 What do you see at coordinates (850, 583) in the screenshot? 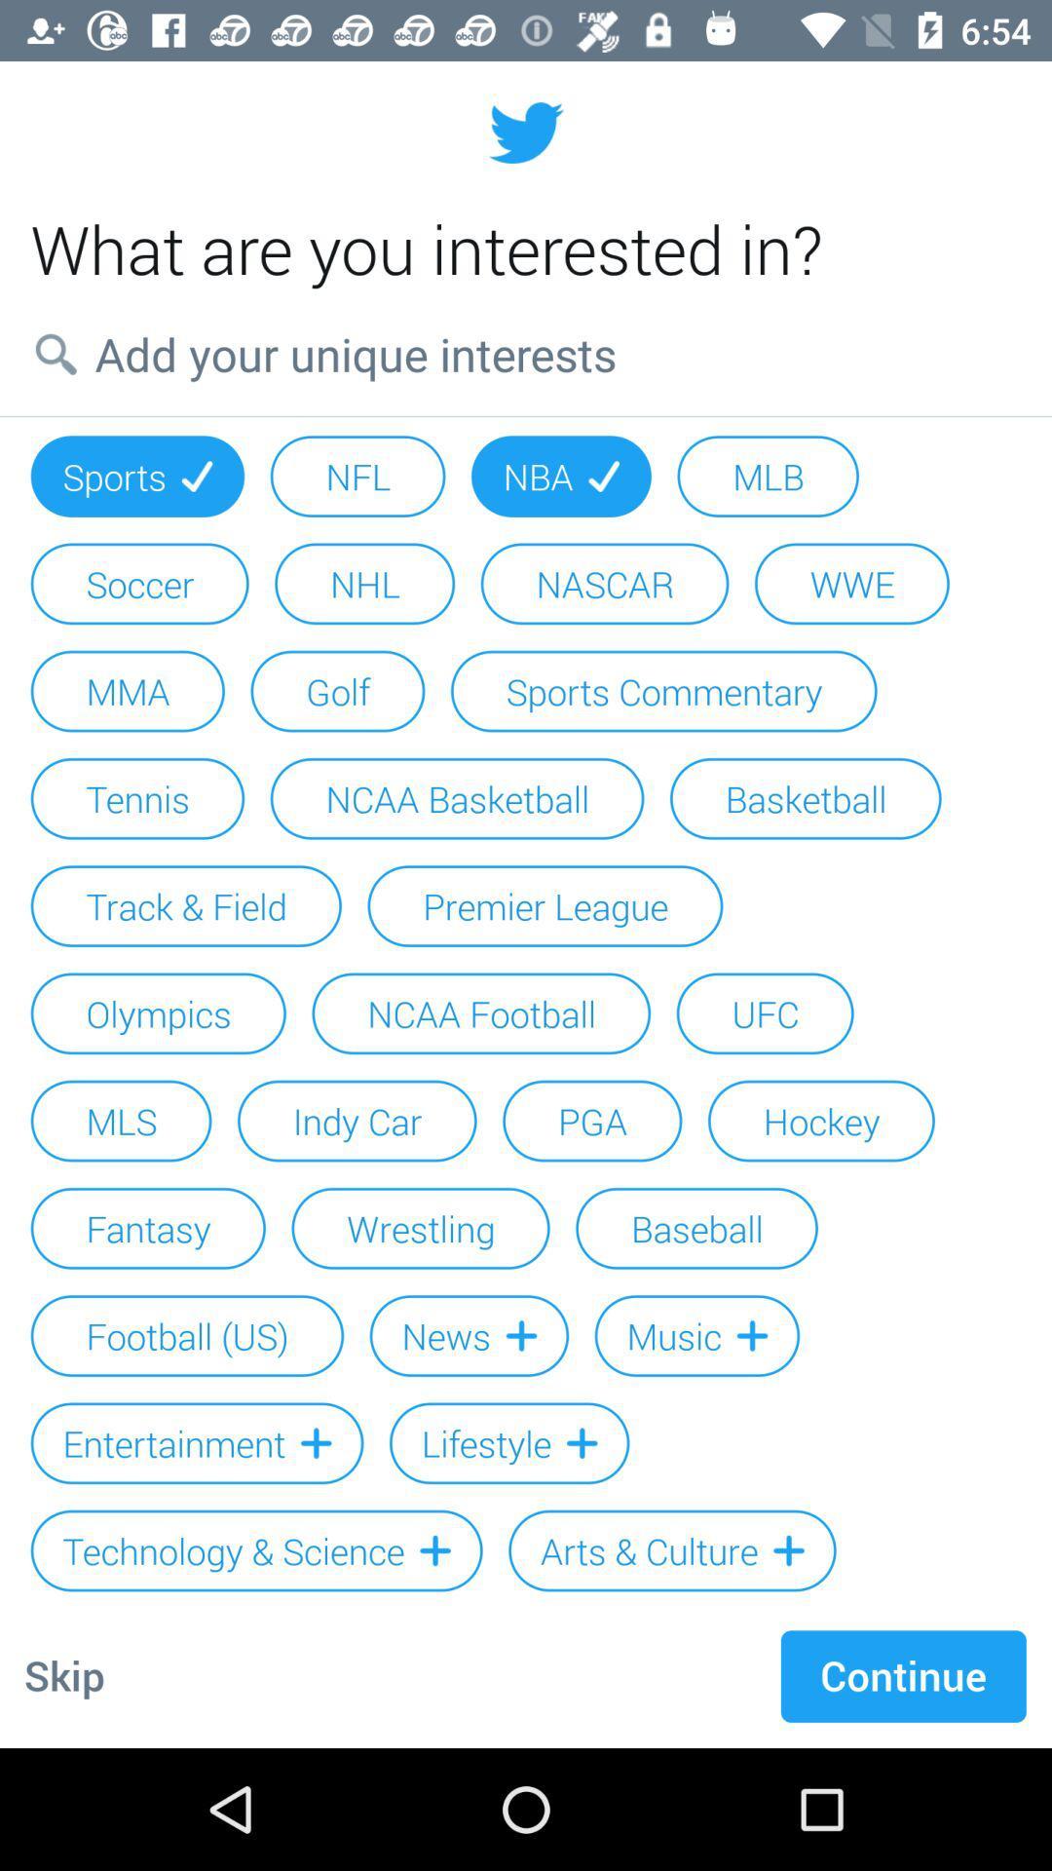
I see `wwe` at bounding box center [850, 583].